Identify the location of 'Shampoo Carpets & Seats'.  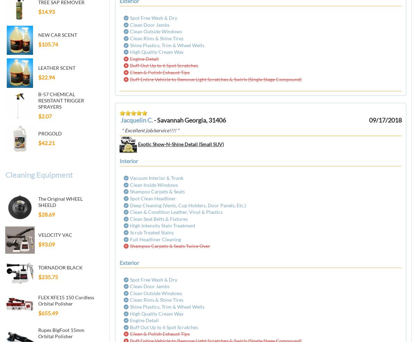
(157, 191).